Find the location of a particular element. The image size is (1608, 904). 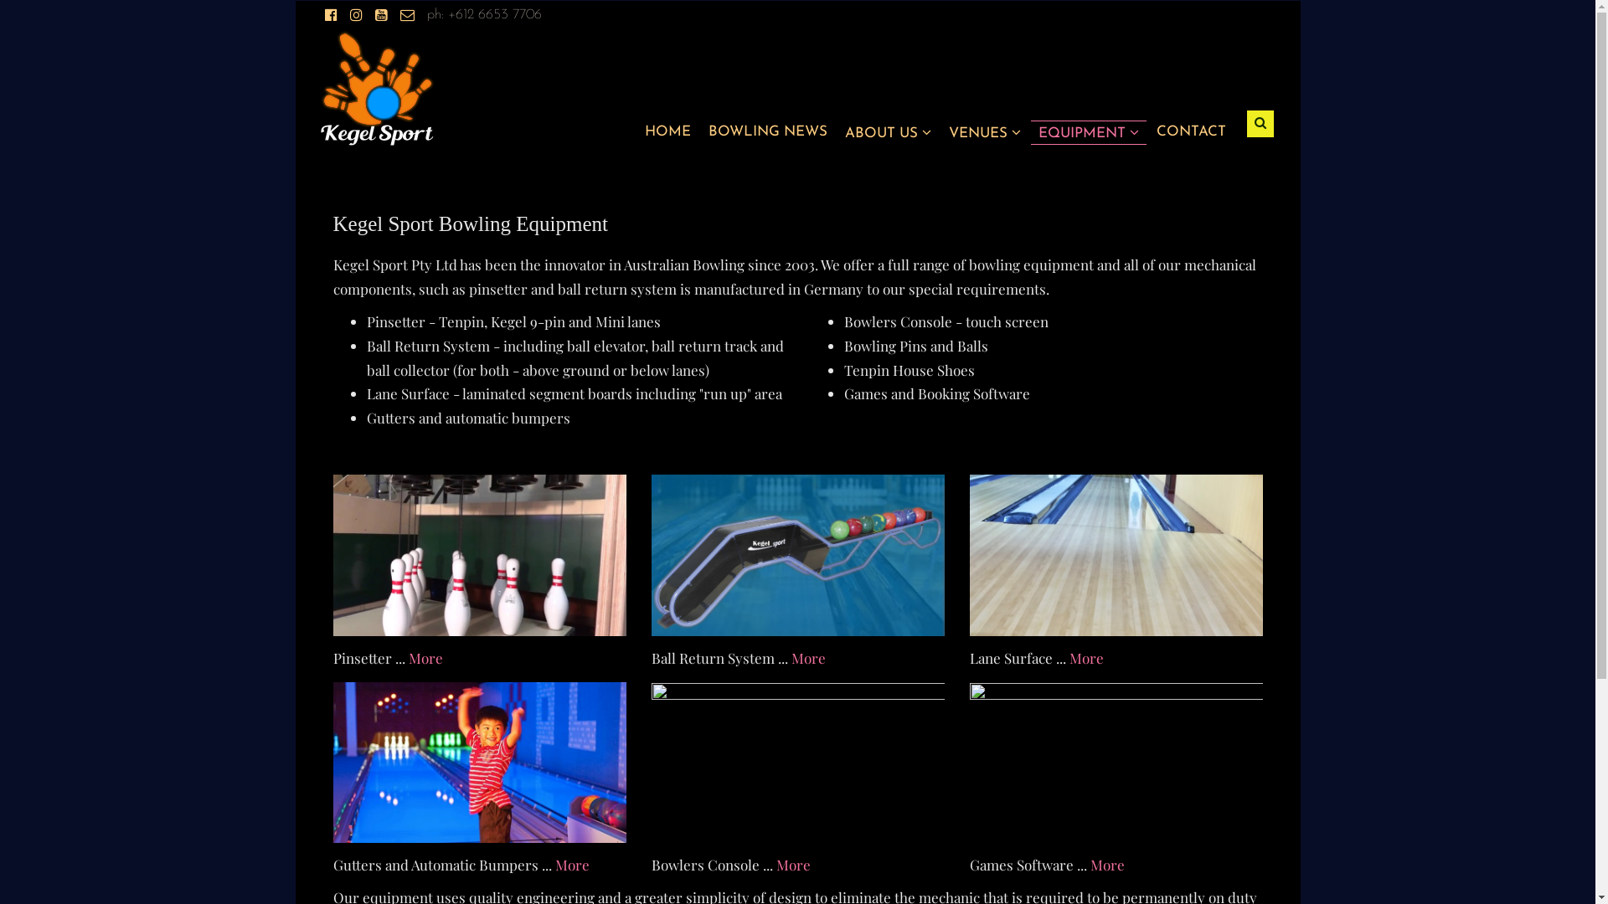

'More' is located at coordinates (791, 865).